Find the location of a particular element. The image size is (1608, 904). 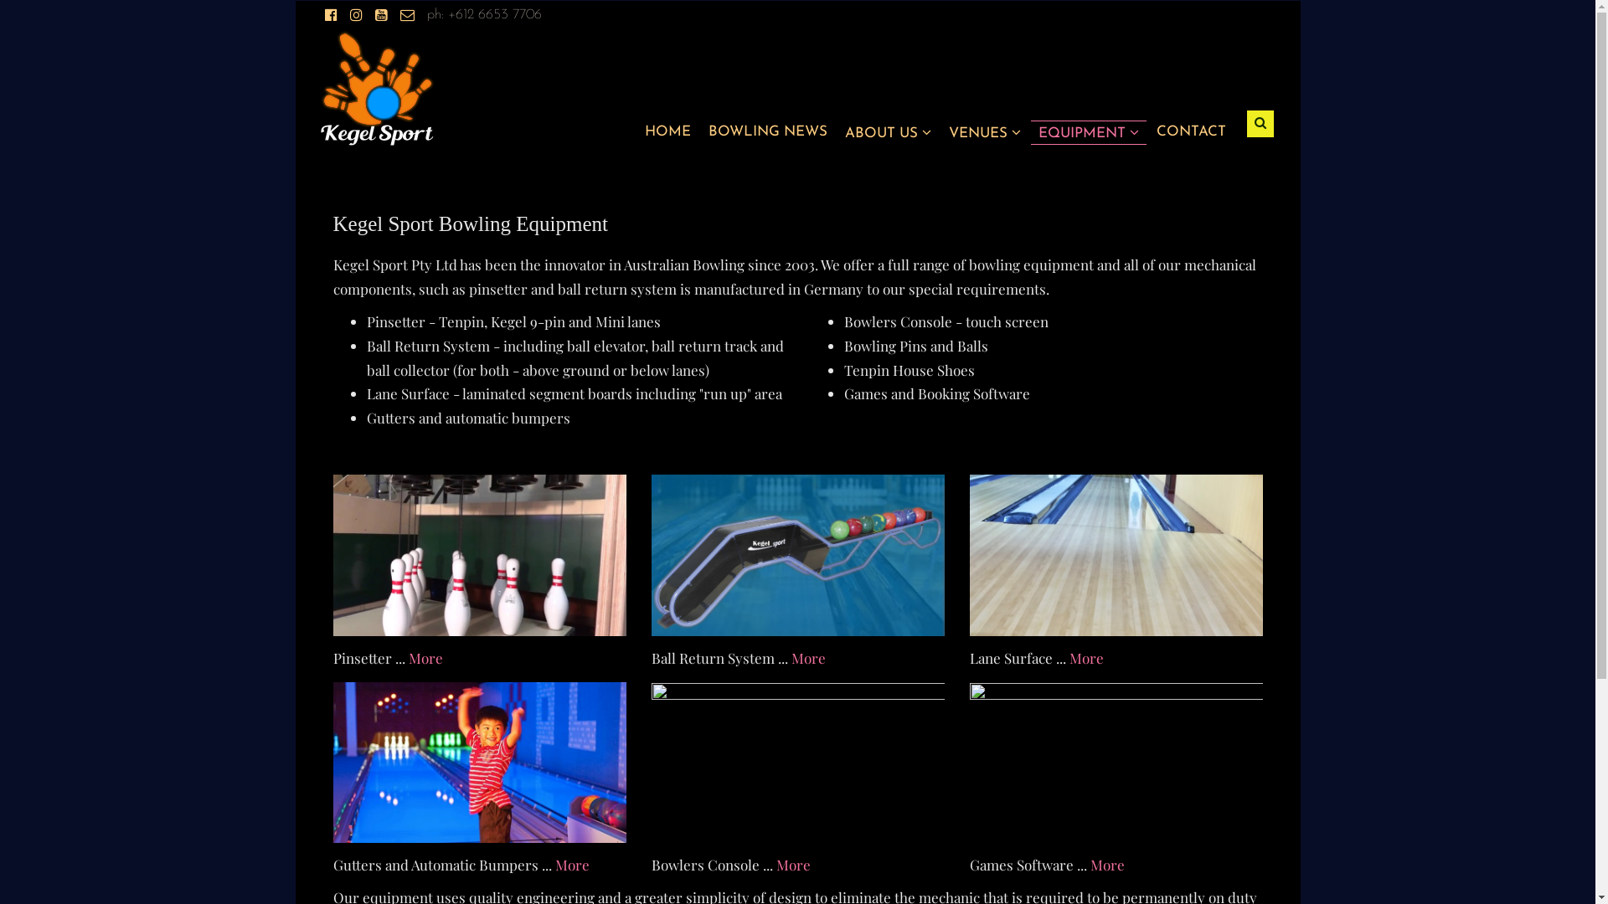

'More' is located at coordinates (791, 865).